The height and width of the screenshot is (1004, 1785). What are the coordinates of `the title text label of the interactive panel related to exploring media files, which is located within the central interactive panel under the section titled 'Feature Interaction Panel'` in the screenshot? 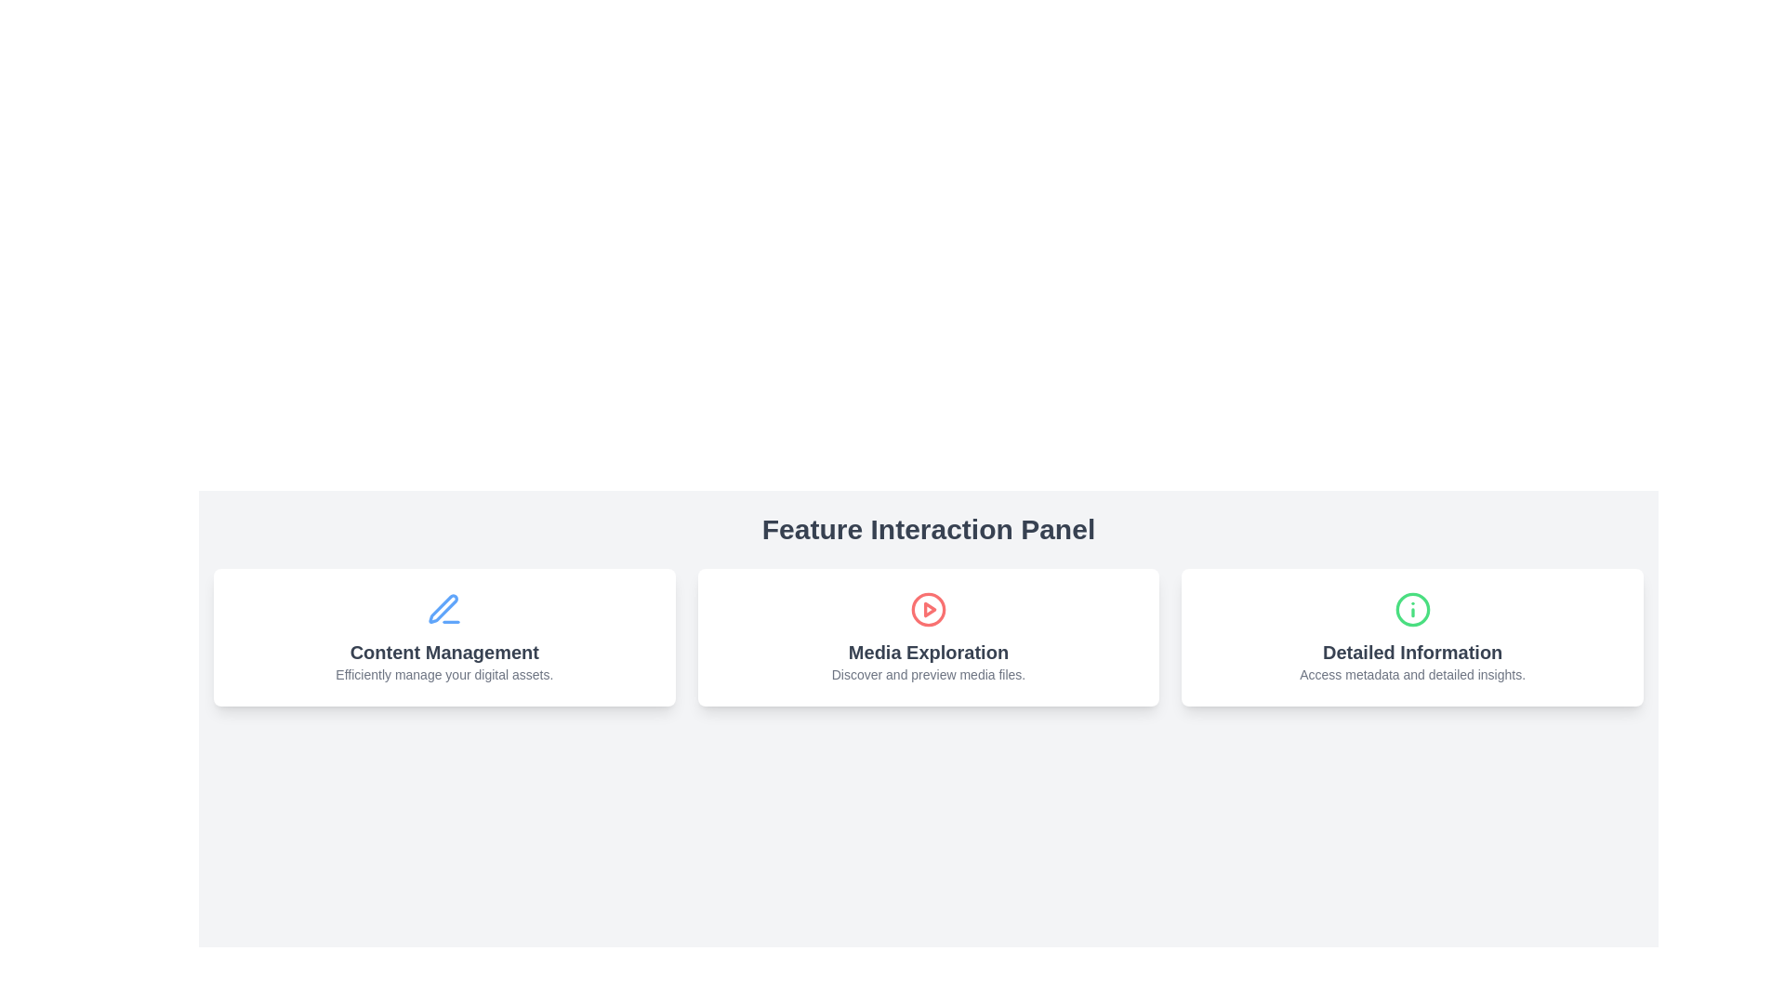 It's located at (928, 652).